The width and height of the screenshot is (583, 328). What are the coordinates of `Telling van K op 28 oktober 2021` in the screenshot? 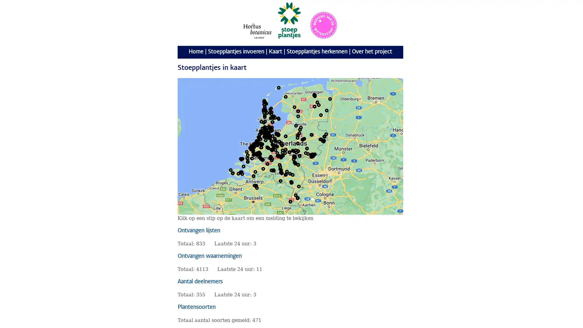 It's located at (256, 185).